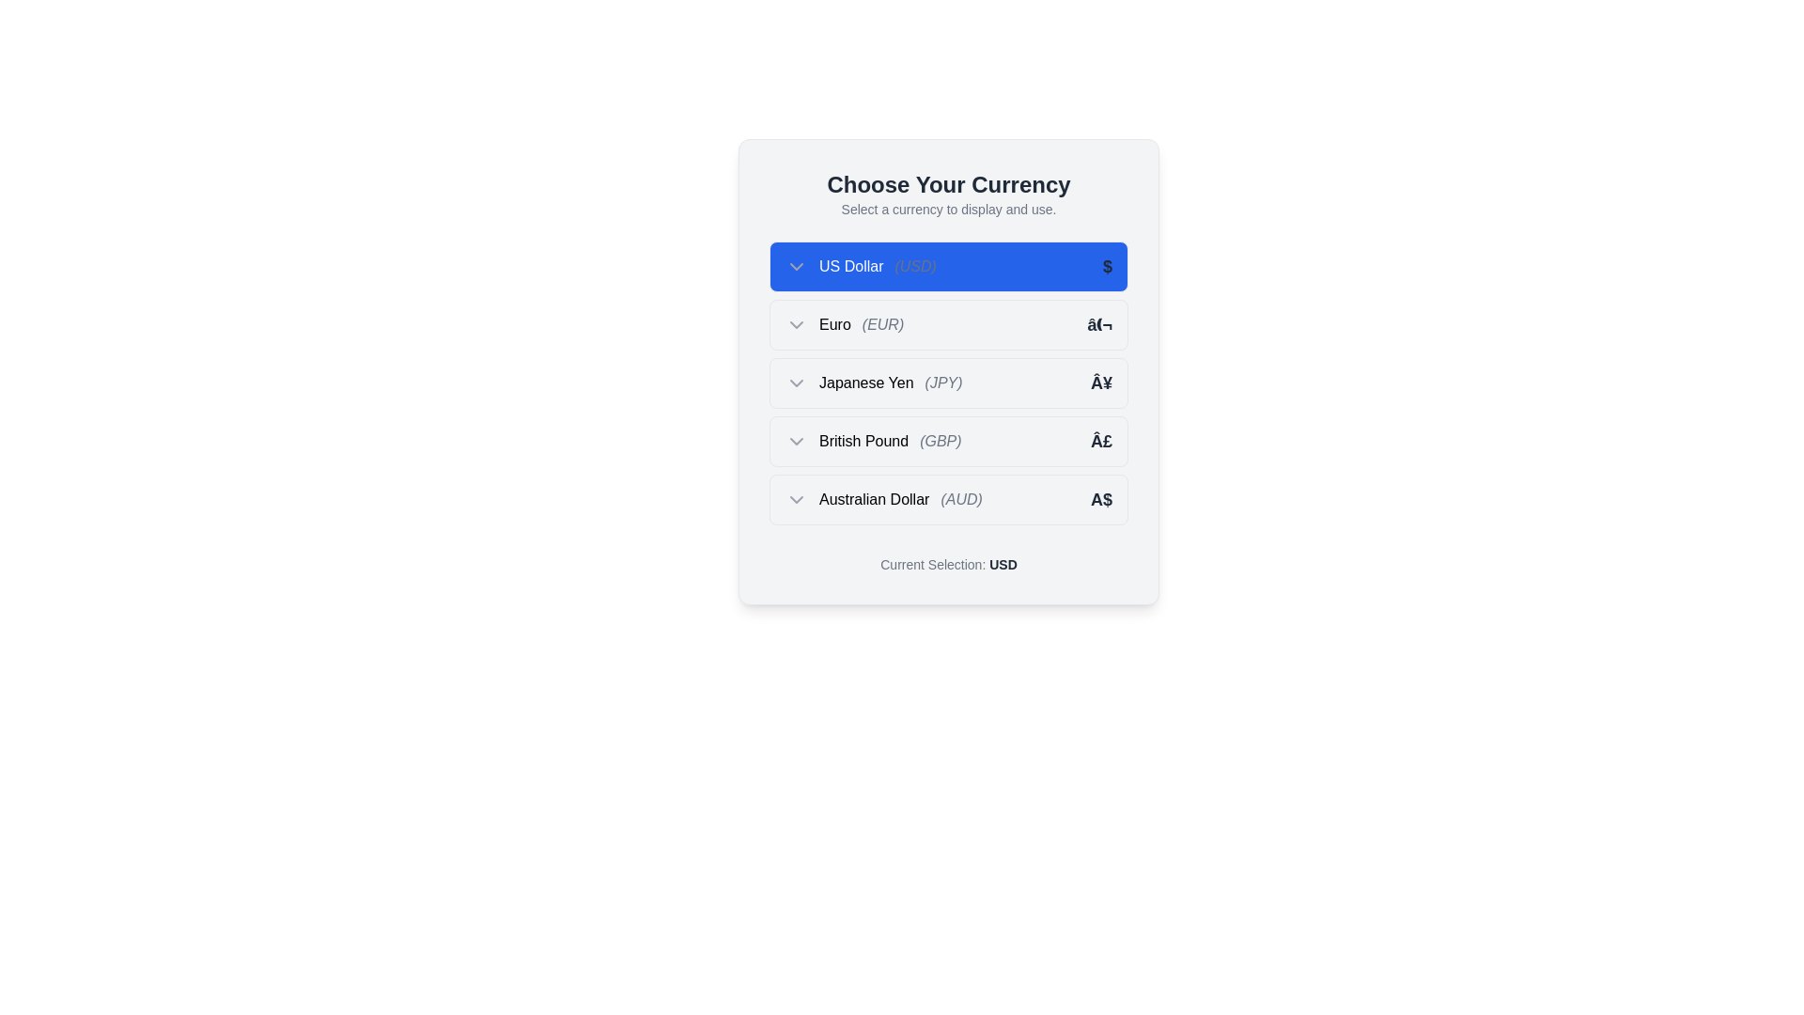 This screenshot has height=1015, width=1804. I want to click on text displayed in the 'Euro' text label UI component, which shows the term 'Euro' in a medium-weight font style as part of the currency options in a dropdown menu, so click(833, 324).